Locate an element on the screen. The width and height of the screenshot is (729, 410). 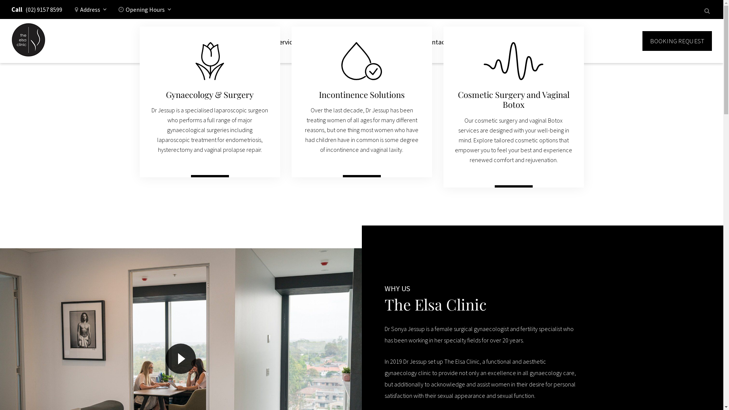
'About Us' is located at coordinates (328, 41).